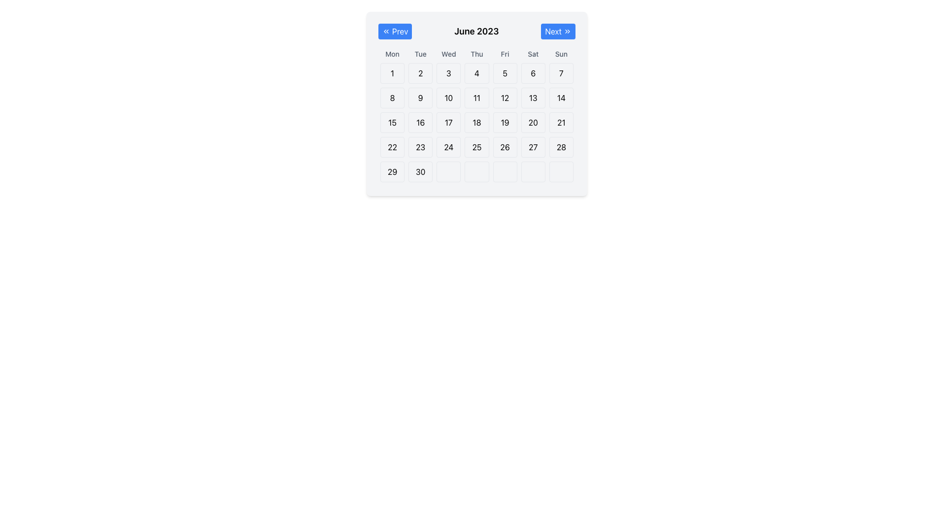 The width and height of the screenshot is (946, 532). I want to click on the empty interactive box in the calendar grid, which is the fourth cell in the last row beneath the 'Thu' column, so click(477, 171).